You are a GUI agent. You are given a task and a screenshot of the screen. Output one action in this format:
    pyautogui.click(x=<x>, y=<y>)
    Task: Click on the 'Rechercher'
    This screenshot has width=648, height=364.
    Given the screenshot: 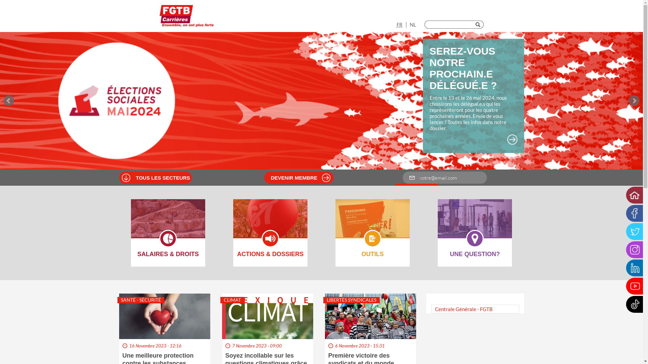 What is the action you would take?
    pyautogui.click(x=479, y=24)
    